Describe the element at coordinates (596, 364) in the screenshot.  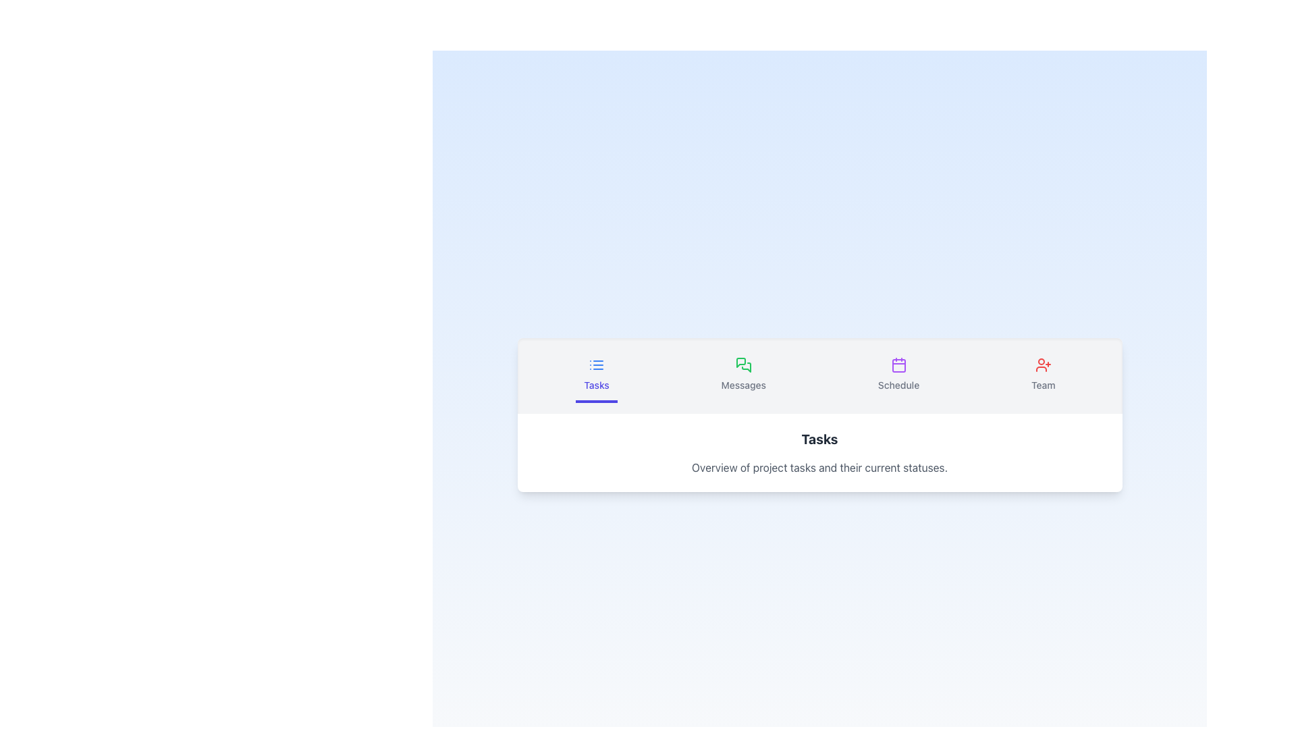
I see `the 'Tasks' icon in the navigation menu, which visually represents the 'Tasks' section` at that location.